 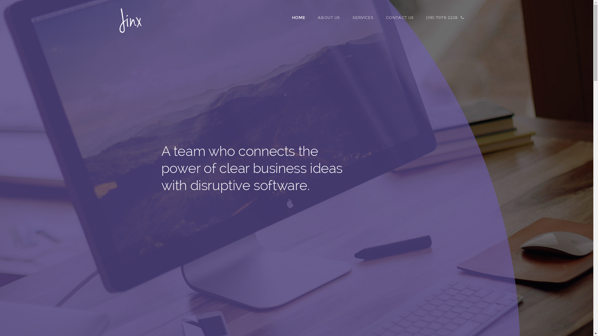 I want to click on '(08) 7078 2228', so click(x=448, y=17).